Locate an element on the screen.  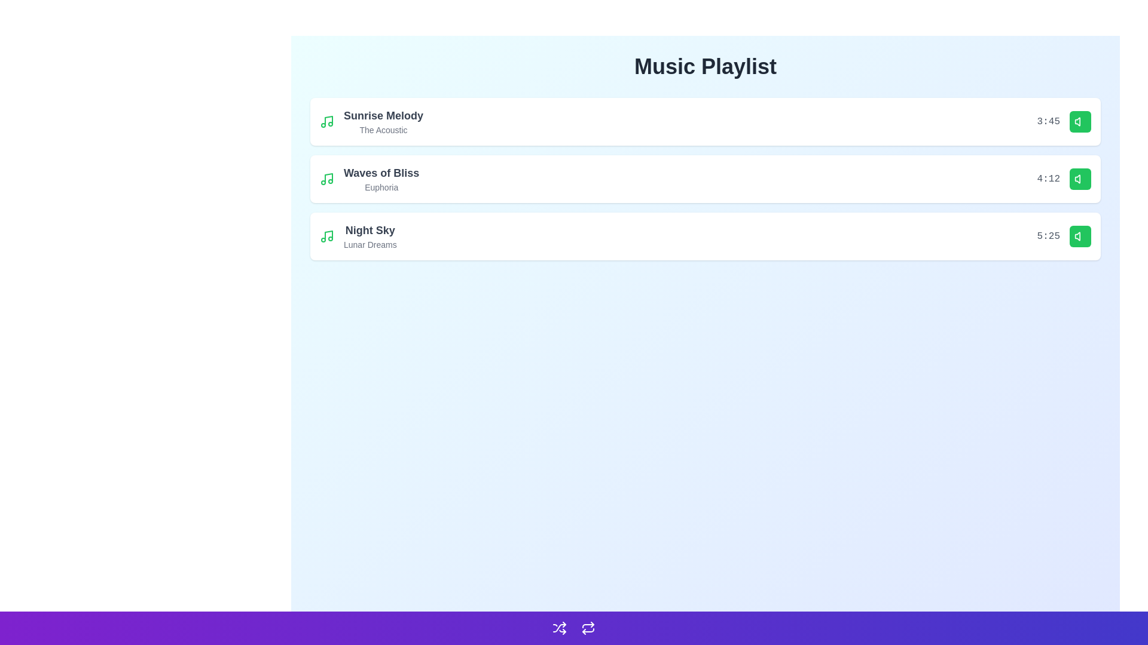
the 'Night Sky' text label with the decorative green music icon in the music playlist interface, which is the third item in the vertical list is located at coordinates (358, 236).